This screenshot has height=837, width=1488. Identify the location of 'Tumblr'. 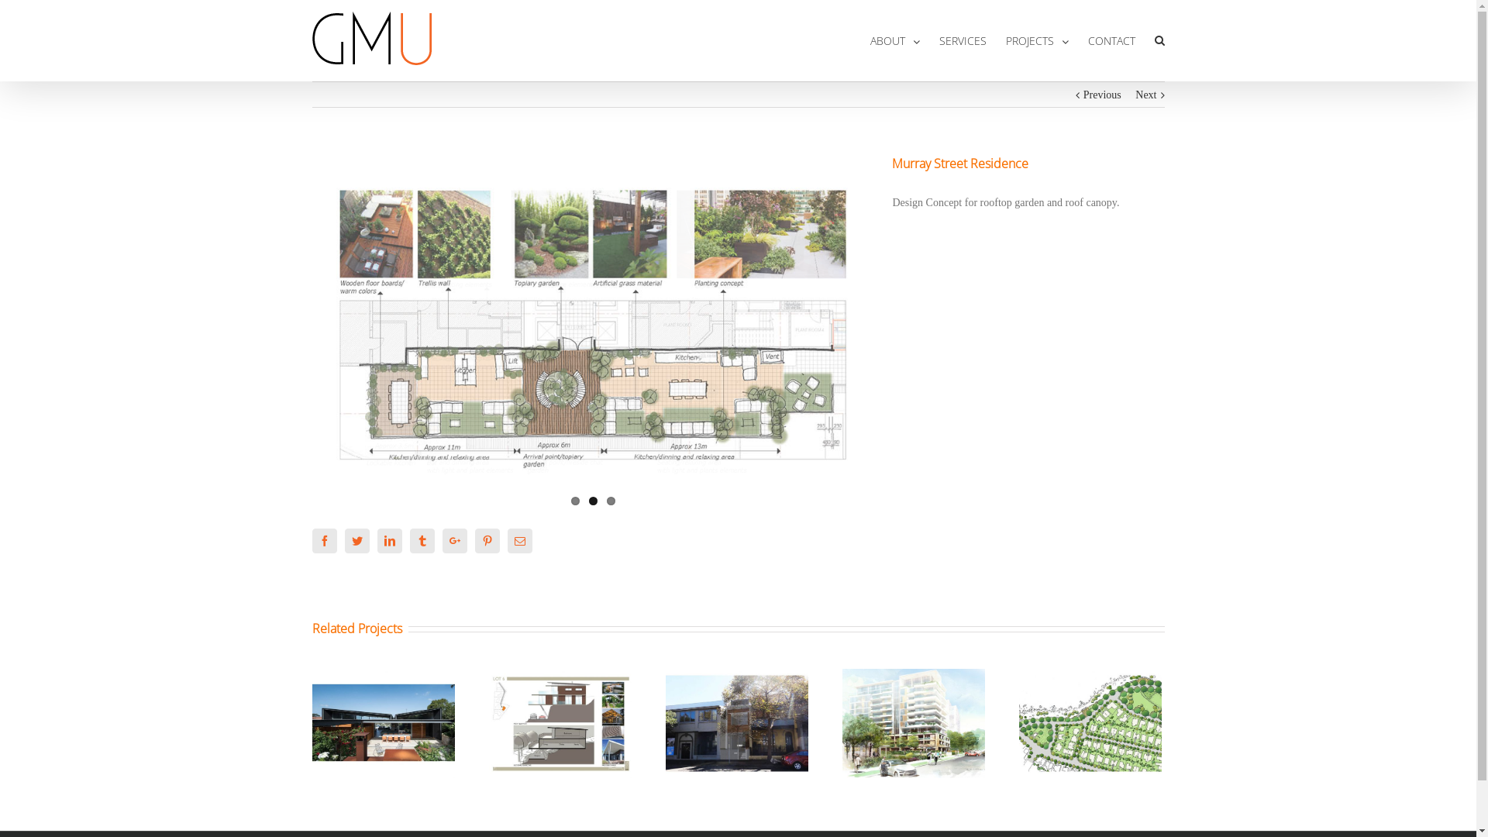
(421, 540).